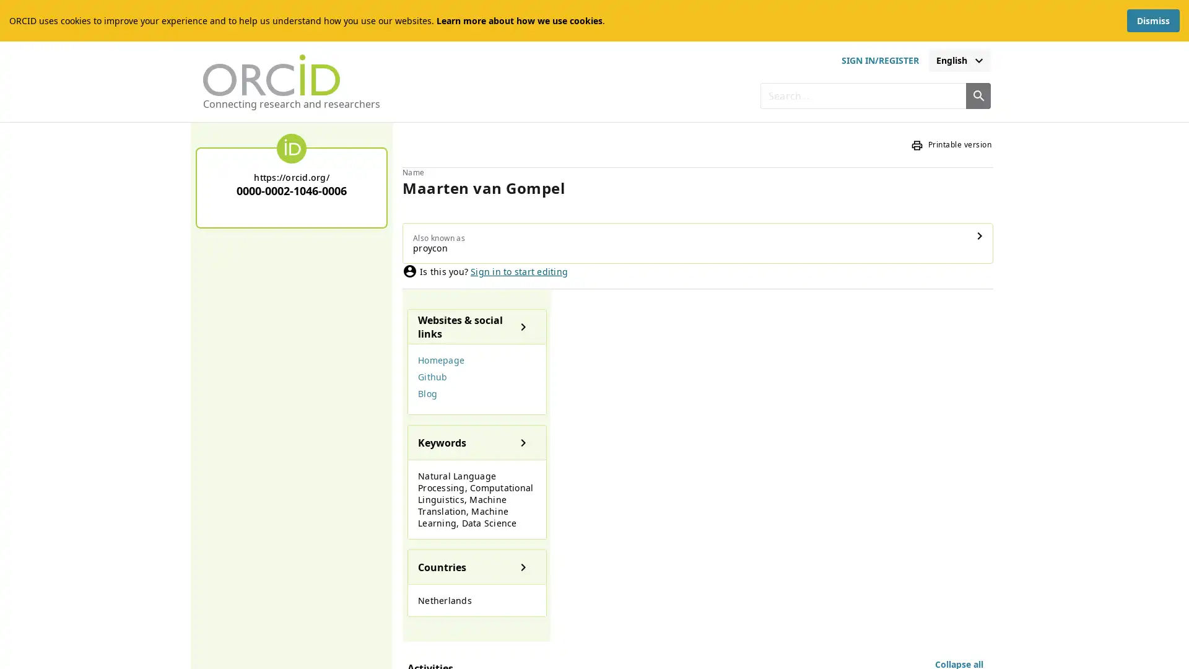 This screenshot has height=669, width=1189. What do you see at coordinates (959, 276) in the screenshot?
I see `Collapse all` at bounding box center [959, 276].